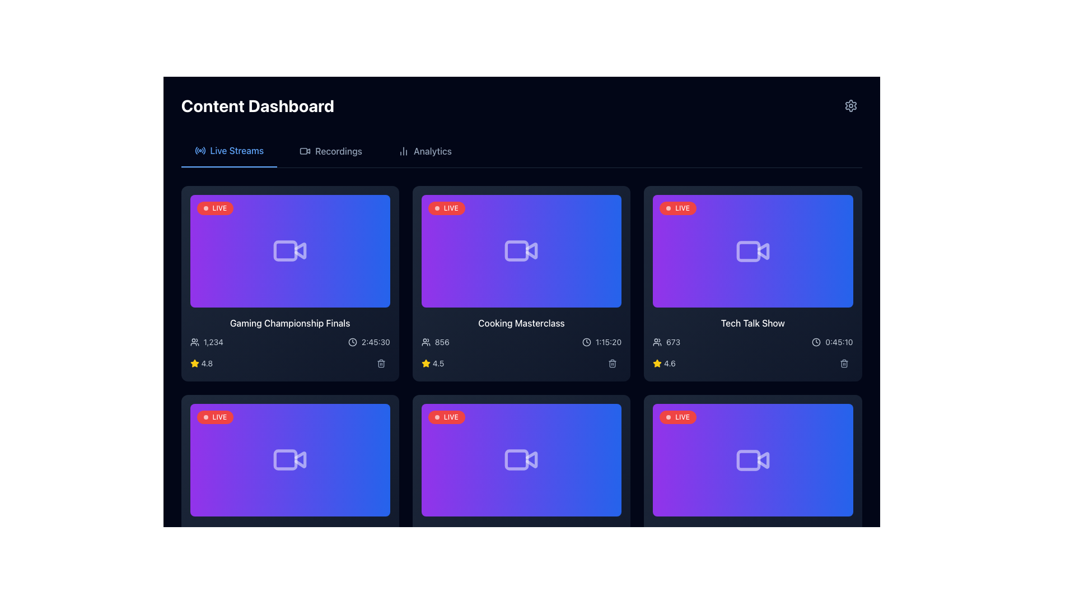 This screenshot has width=1075, height=605. What do you see at coordinates (844, 363) in the screenshot?
I see `the trash can icon button located at the bottom-right corner of the 'Tech Talk Show' card in the middle row of the grid to initiate deletion` at bounding box center [844, 363].